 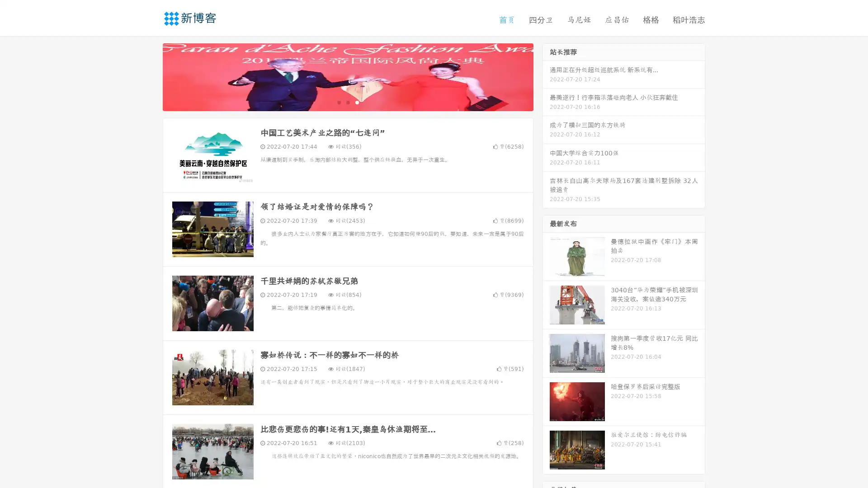 What do you see at coordinates (338, 102) in the screenshot?
I see `Go to slide 1` at bounding box center [338, 102].